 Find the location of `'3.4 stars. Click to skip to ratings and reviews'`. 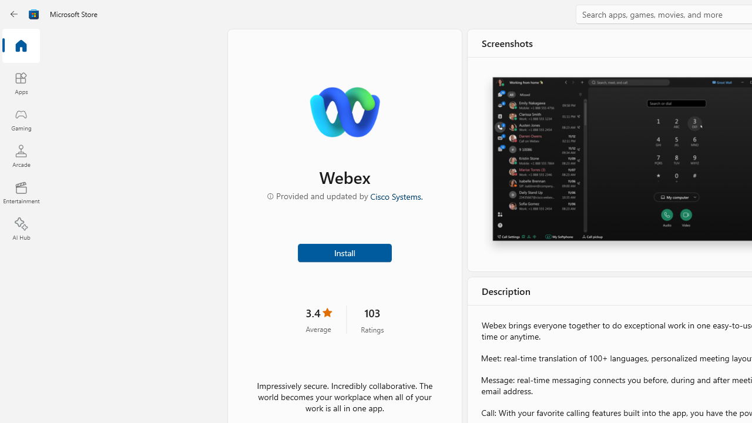

'3.4 stars. Click to skip to ratings and reviews' is located at coordinates (318, 319).